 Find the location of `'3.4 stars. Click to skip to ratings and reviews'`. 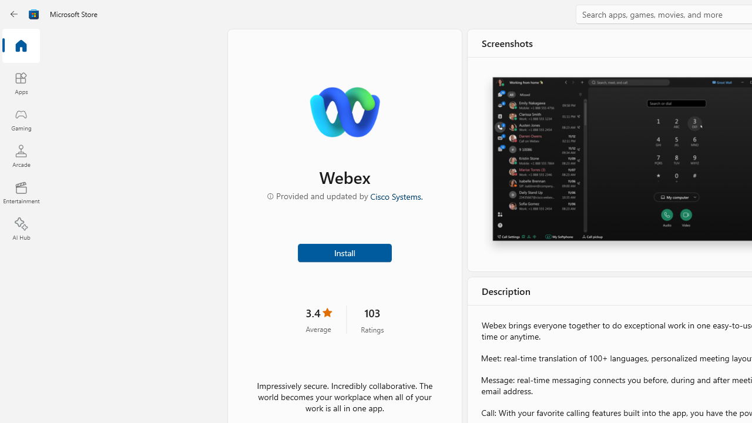

'3.4 stars. Click to skip to ratings and reviews' is located at coordinates (318, 319).